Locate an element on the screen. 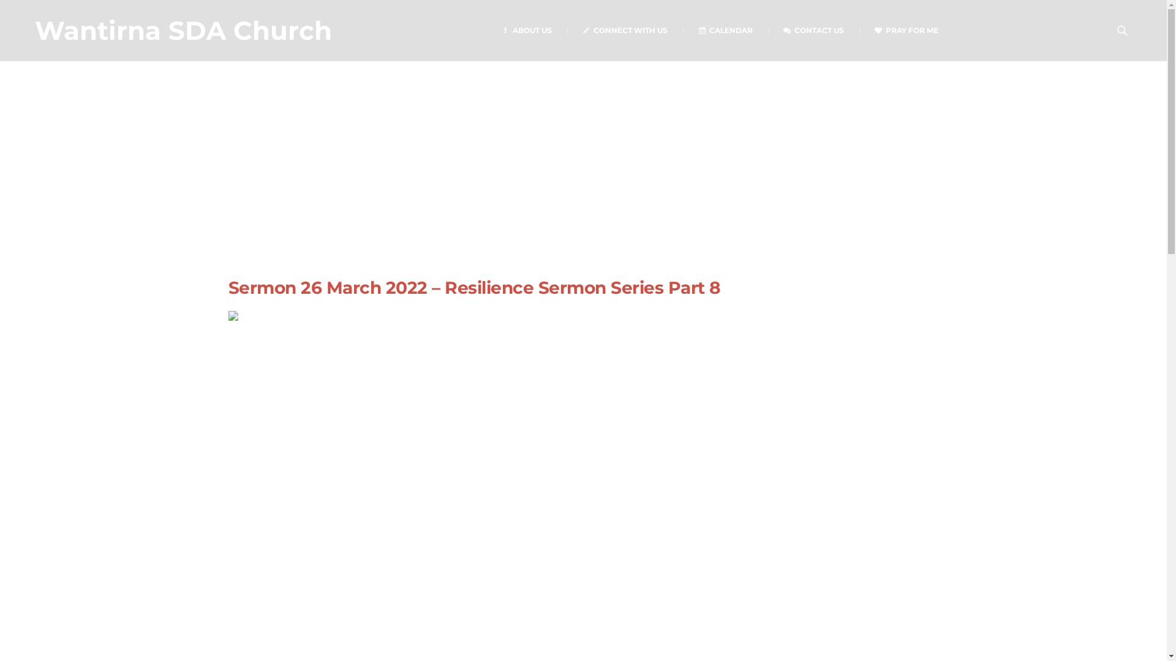 Image resolution: width=1176 pixels, height=661 pixels. 'PRAY FOR ME' is located at coordinates (906, 29).